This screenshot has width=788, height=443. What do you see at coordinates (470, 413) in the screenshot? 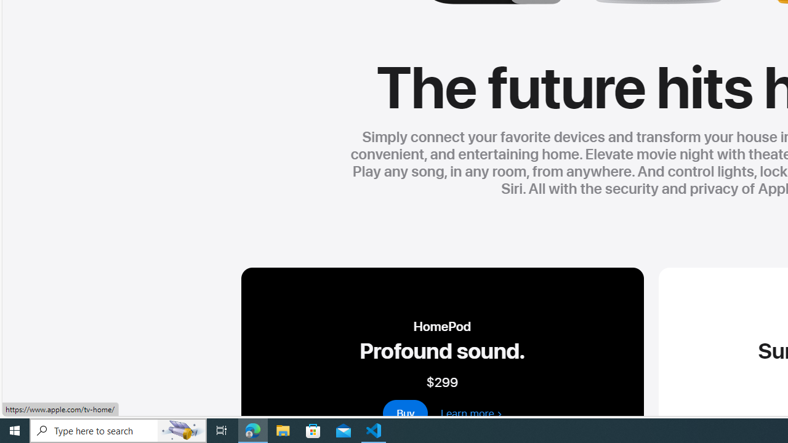
I see `'learn more about homepod 2nd generation'` at bounding box center [470, 413].